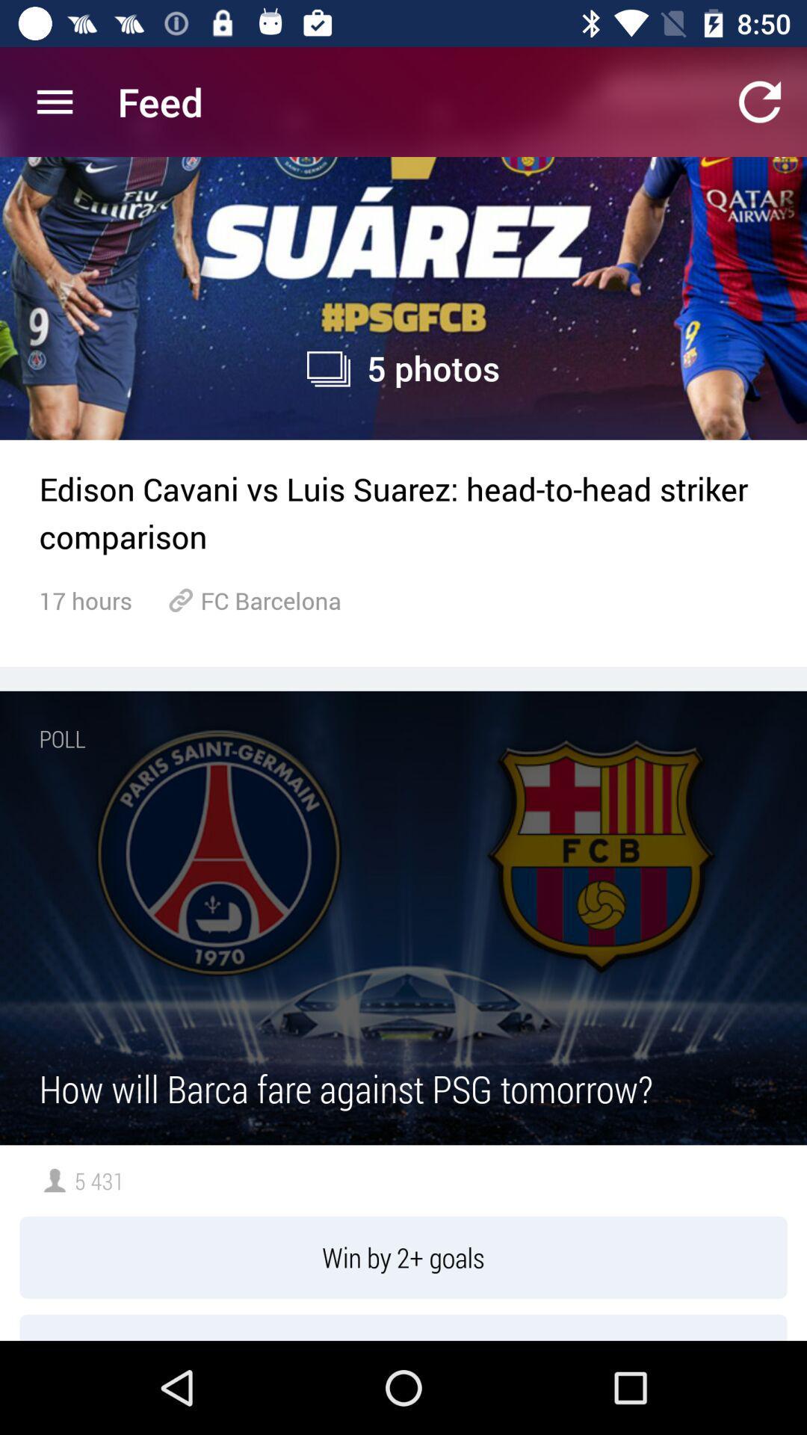  I want to click on the profile  image option in front of 5431 numbers, so click(54, 1179).